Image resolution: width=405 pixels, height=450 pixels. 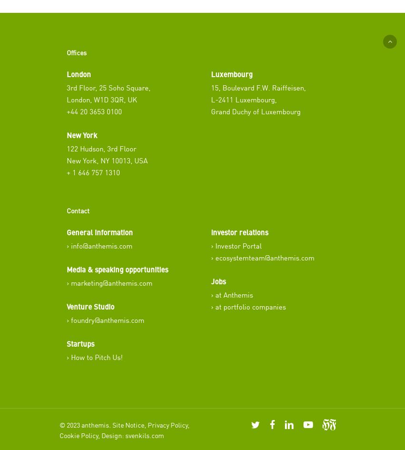 I want to click on 'Contact', so click(x=78, y=210).